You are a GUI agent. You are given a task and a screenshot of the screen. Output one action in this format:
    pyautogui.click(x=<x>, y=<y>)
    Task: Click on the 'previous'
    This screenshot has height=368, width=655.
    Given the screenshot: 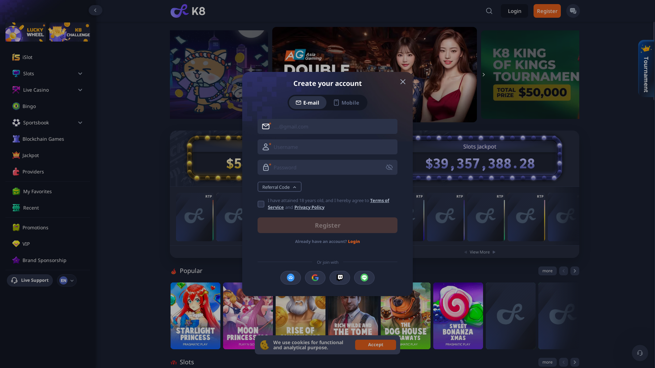 What is the action you would take?
    pyautogui.click(x=563, y=270)
    